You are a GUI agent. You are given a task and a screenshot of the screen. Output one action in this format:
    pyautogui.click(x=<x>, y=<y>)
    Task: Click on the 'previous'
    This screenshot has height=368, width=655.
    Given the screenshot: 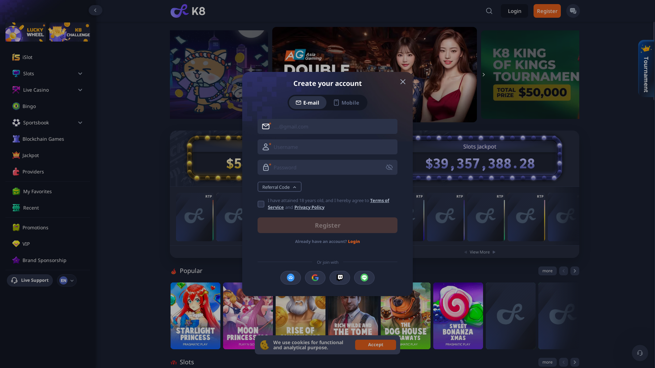 What is the action you would take?
    pyautogui.click(x=563, y=270)
    